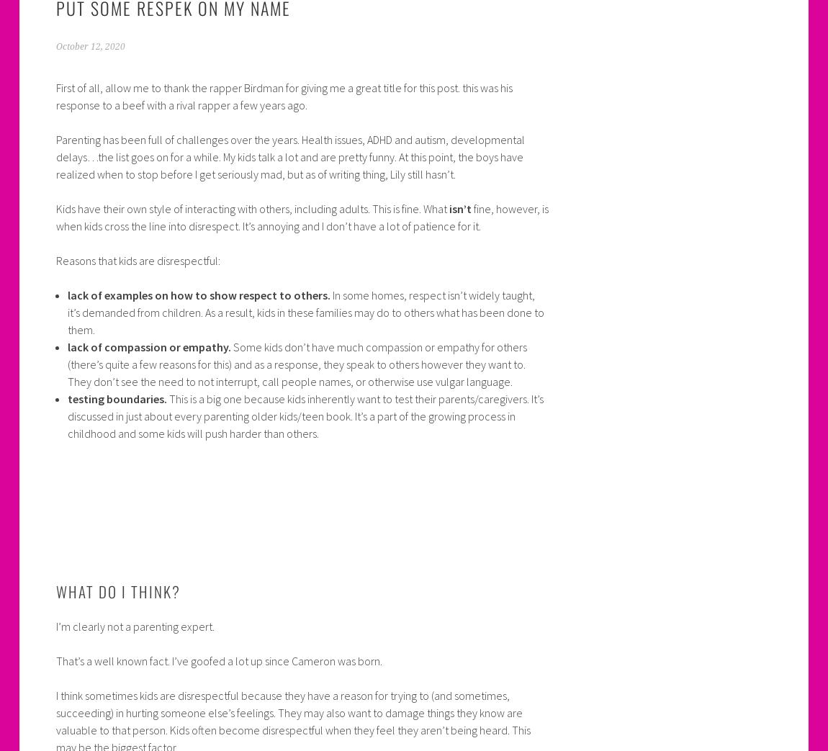  I want to click on 'This is a big one because kids inherently want to test their parents/caregivers. It’s discussed in just about every parenting older kids/teen book. It’s a part of the growing process in childhood and some kids will push harder than others.', so click(305, 415).